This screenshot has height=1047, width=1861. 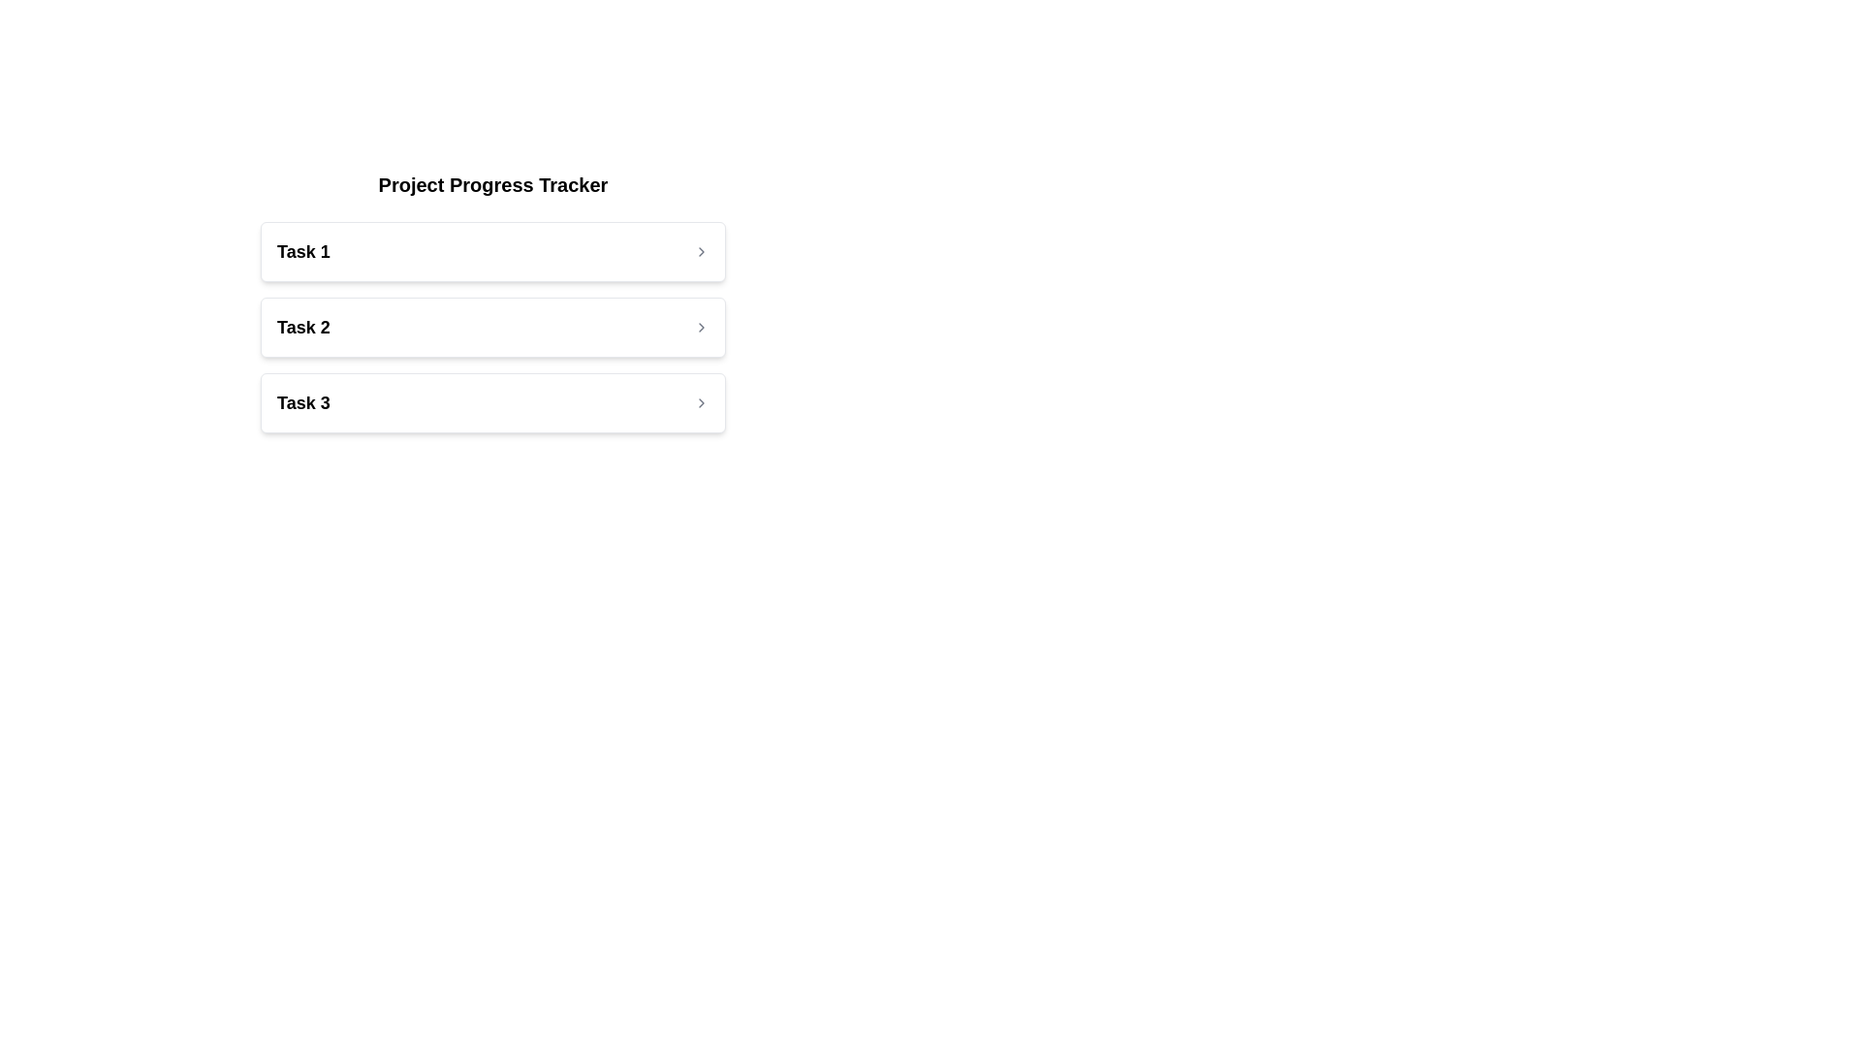 I want to click on the text label displaying 'Project Progress Tracker', which is styled in bold and large font at the top of the section containing a list of tasks, so click(x=492, y=185).